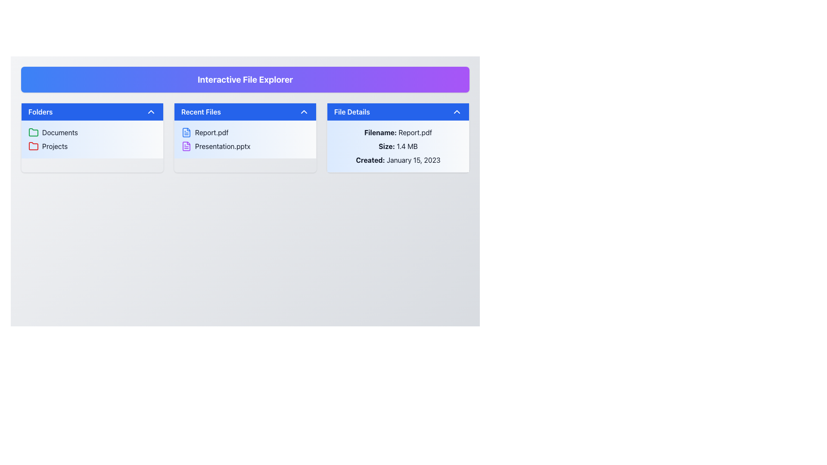  Describe the element at coordinates (352, 111) in the screenshot. I see `the 'File Details' text label, which serves as a title for the section below it, located in the header bar at the top of the rightmost panel` at that location.